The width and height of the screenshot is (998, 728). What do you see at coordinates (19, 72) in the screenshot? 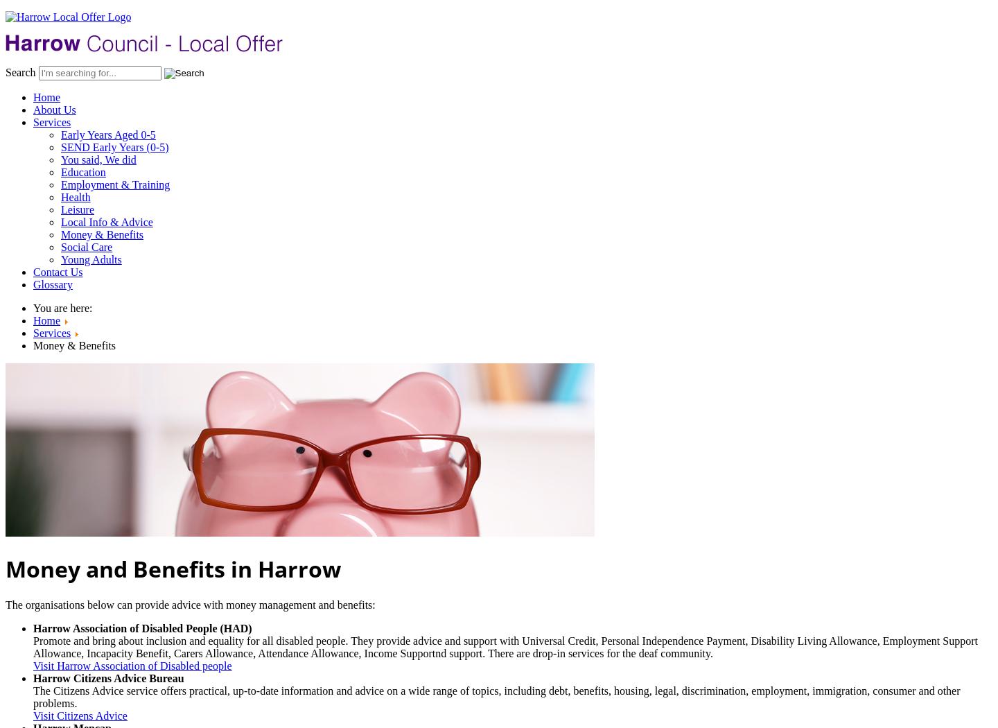
I see `'Search'` at bounding box center [19, 72].